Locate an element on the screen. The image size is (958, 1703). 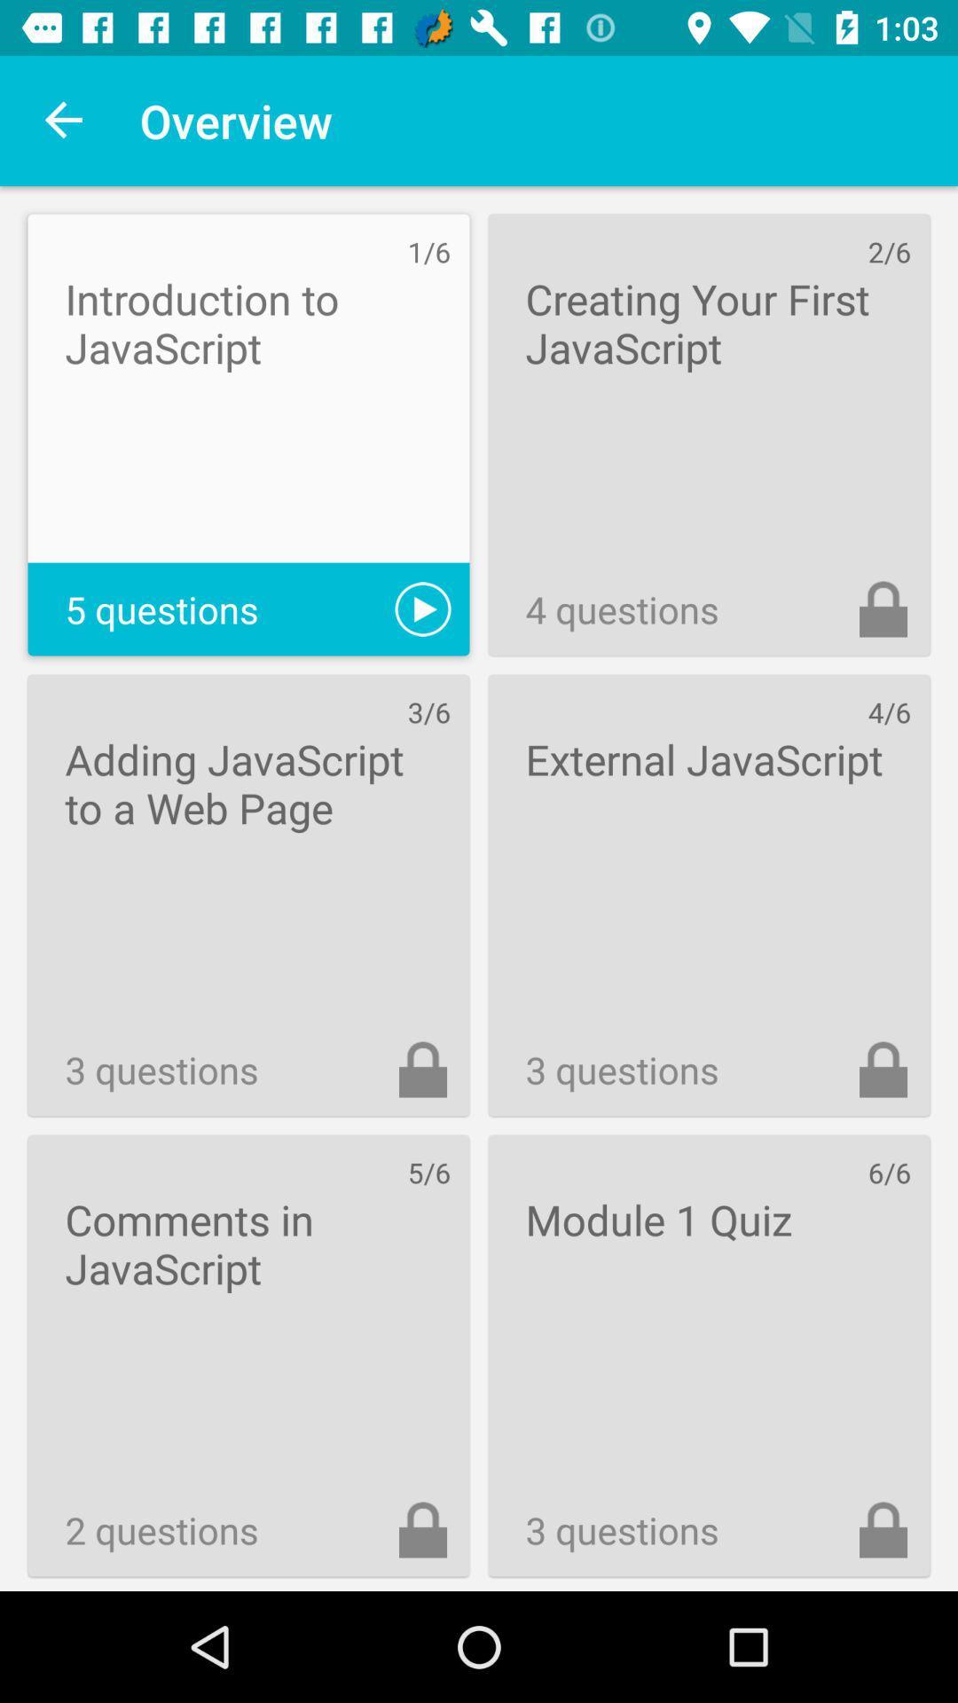
the icon to the left of the overview is located at coordinates (64, 120).